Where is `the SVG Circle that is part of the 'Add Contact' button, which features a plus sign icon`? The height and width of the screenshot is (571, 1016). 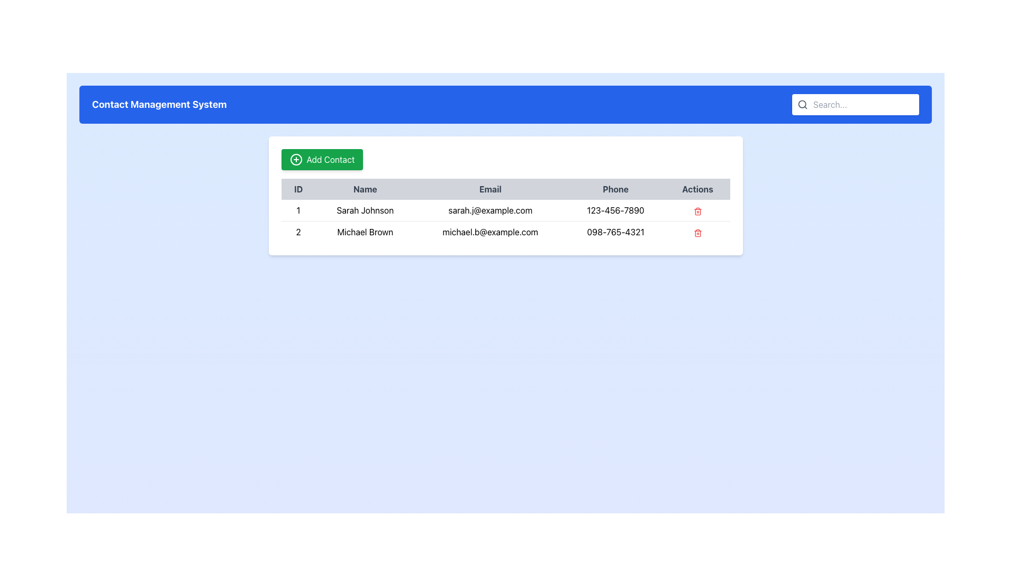
the SVG Circle that is part of the 'Add Contact' button, which features a plus sign icon is located at coordinates (296, 159).